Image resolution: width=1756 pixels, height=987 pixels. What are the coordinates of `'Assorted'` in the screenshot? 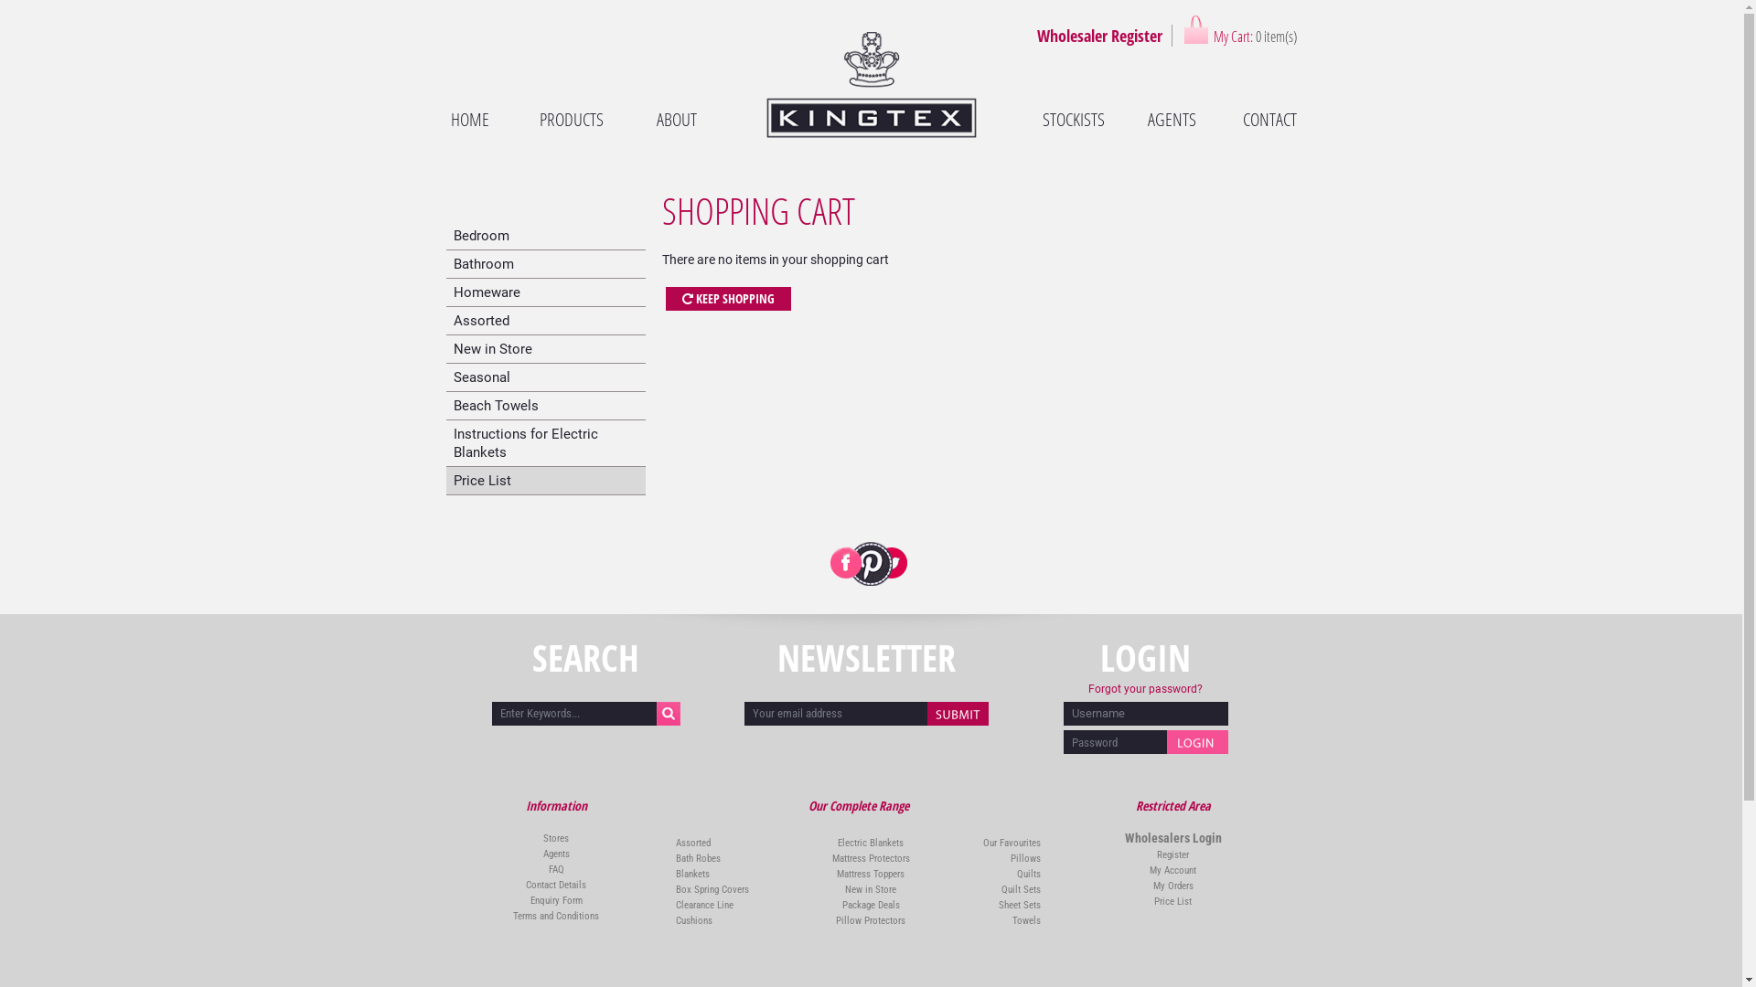 It's located at (544, 320).